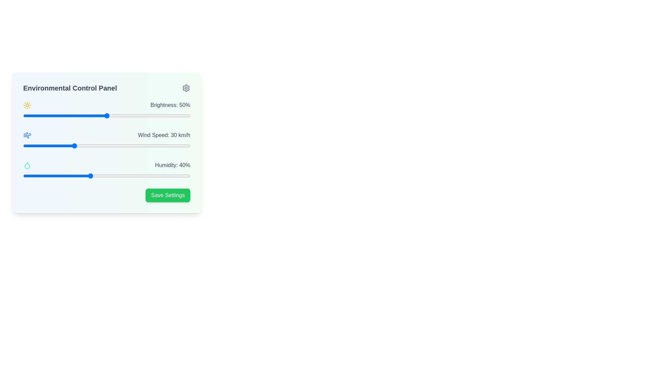 The width and height of the screenshot is (656, 369). What do you see at coordinates (106, 115) in the screenshot?
I see `the horizontal brightness slider labeled 'Brightness: 50%' to set its position` at bounding box center [106, 115].